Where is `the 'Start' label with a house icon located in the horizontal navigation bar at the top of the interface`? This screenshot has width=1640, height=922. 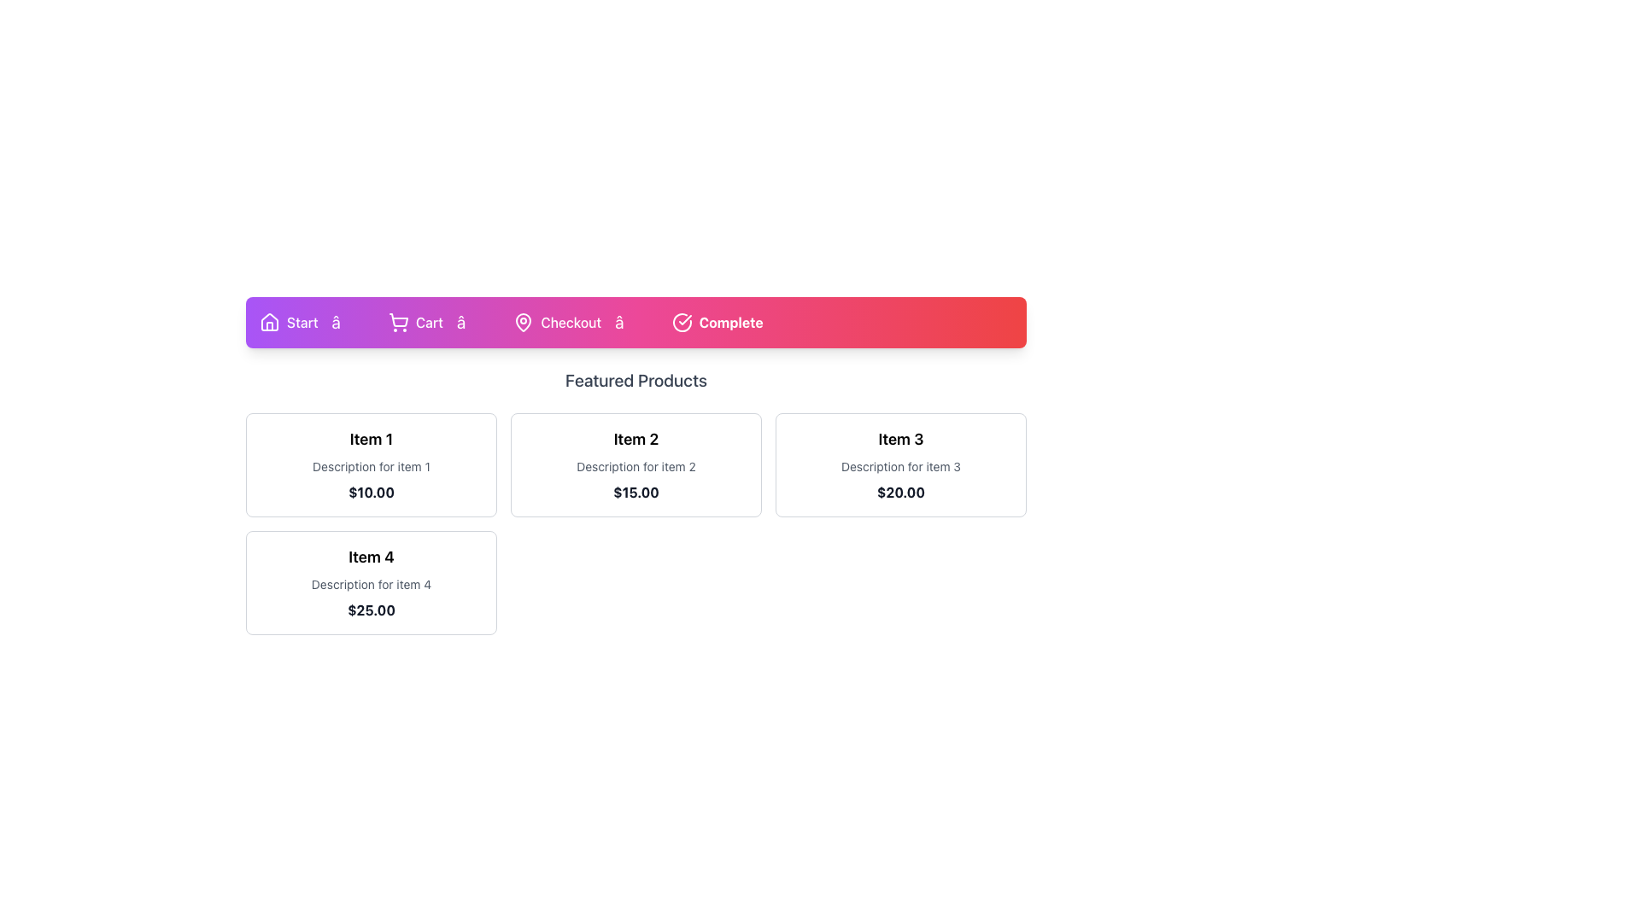 the 'Start' label with a house icon located in the horizontal navigation bar at the top of the interface is located at coordinates (288, 323).